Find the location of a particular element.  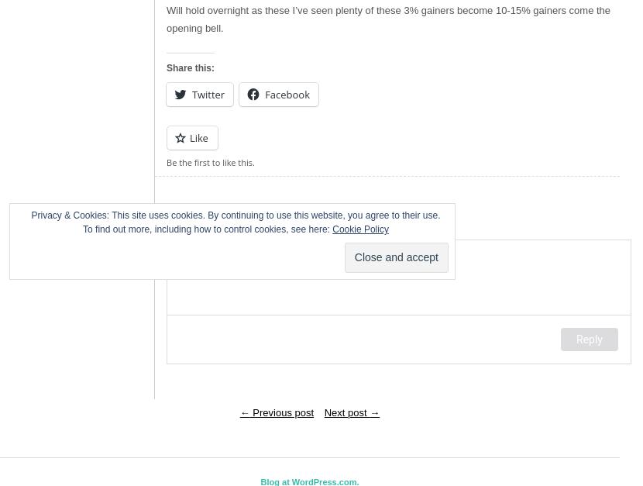

'Reply' is located at coordinates (590, 340).